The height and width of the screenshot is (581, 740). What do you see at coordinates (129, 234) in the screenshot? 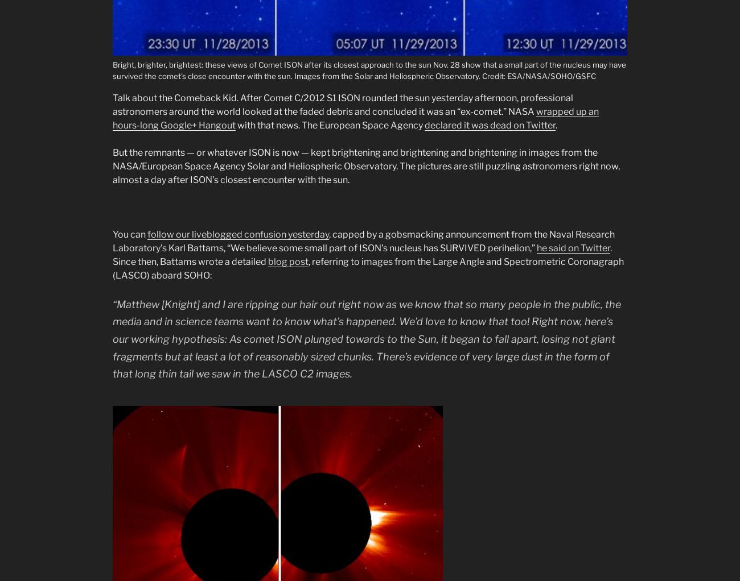
I see `'You can'` at bounding box center [129, 234].